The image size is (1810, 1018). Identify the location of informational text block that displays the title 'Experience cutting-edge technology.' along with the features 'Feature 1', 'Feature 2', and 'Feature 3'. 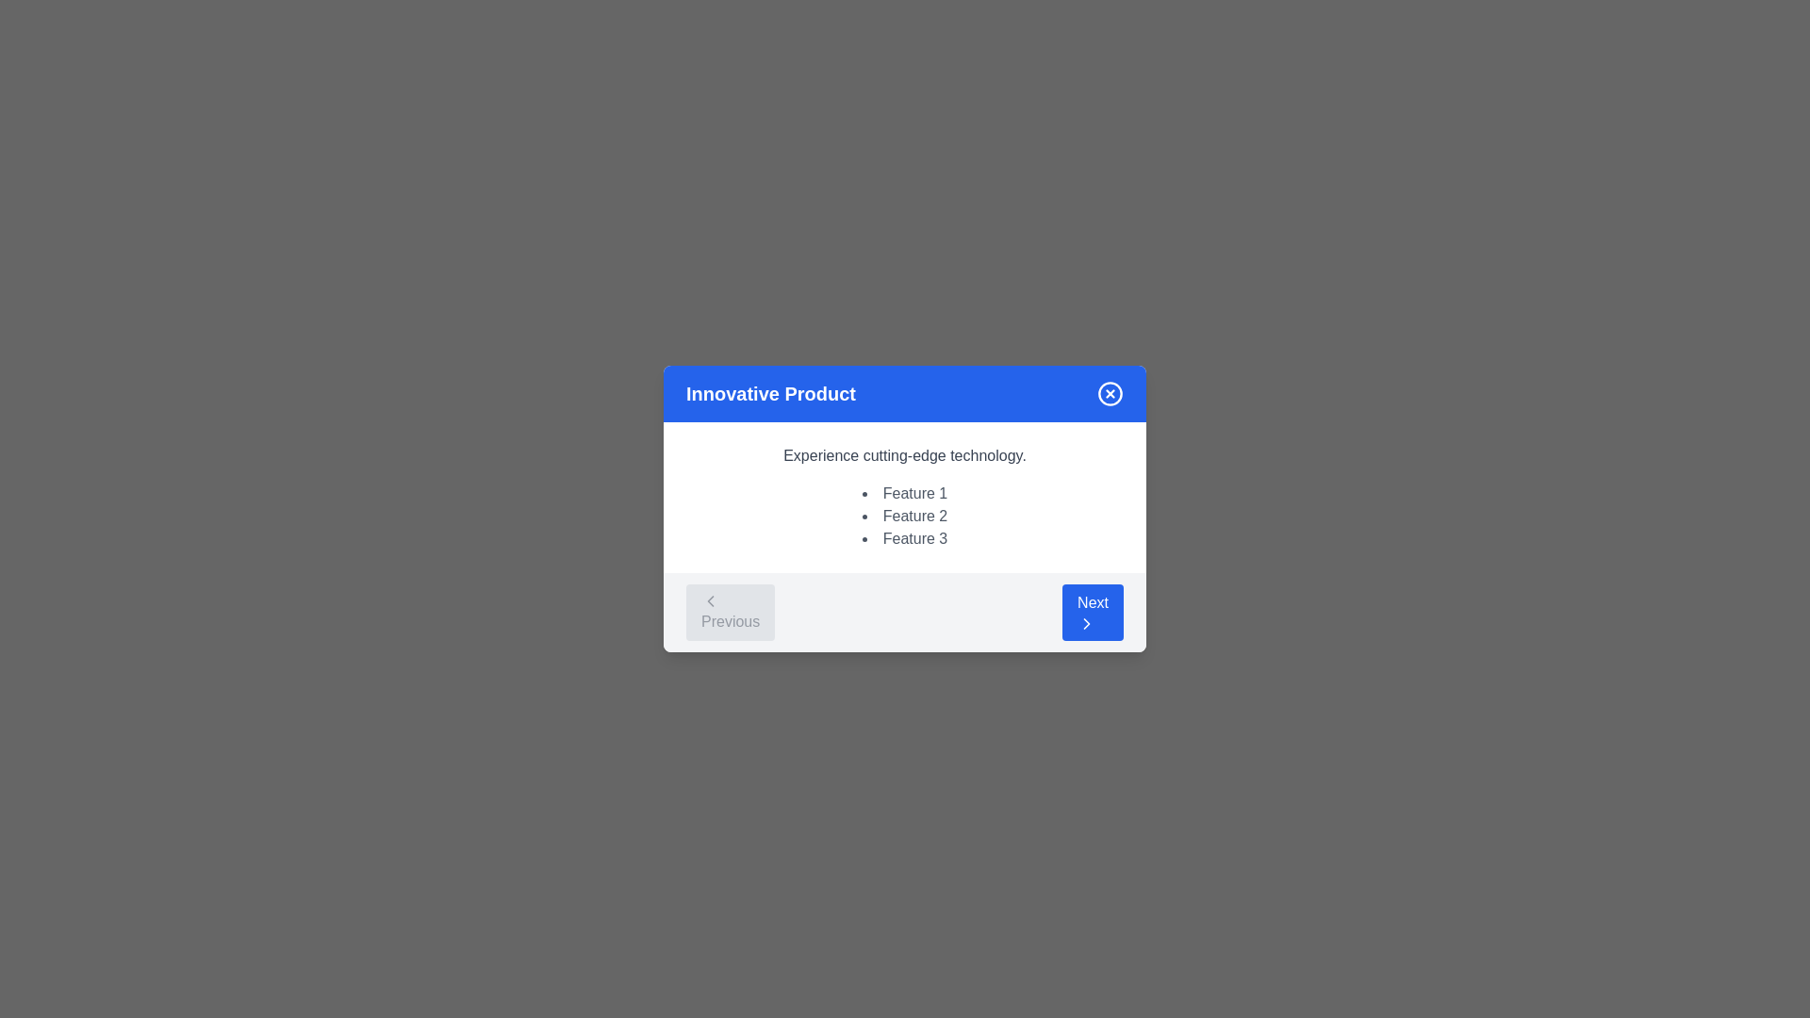
(905, 497).